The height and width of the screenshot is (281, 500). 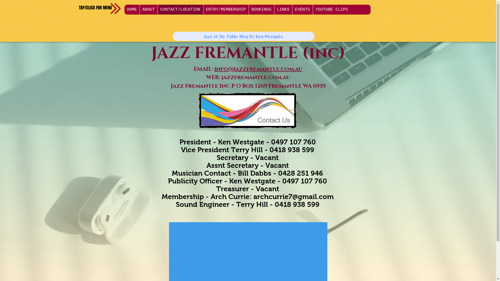 What do you see at coordinates (261, 10) in the screenshot?
I see `'BOOKINGS'` at bounding box center [261, 10].